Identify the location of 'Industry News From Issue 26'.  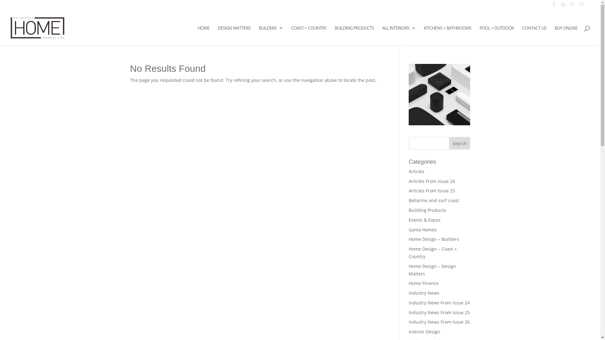
(439, 322).